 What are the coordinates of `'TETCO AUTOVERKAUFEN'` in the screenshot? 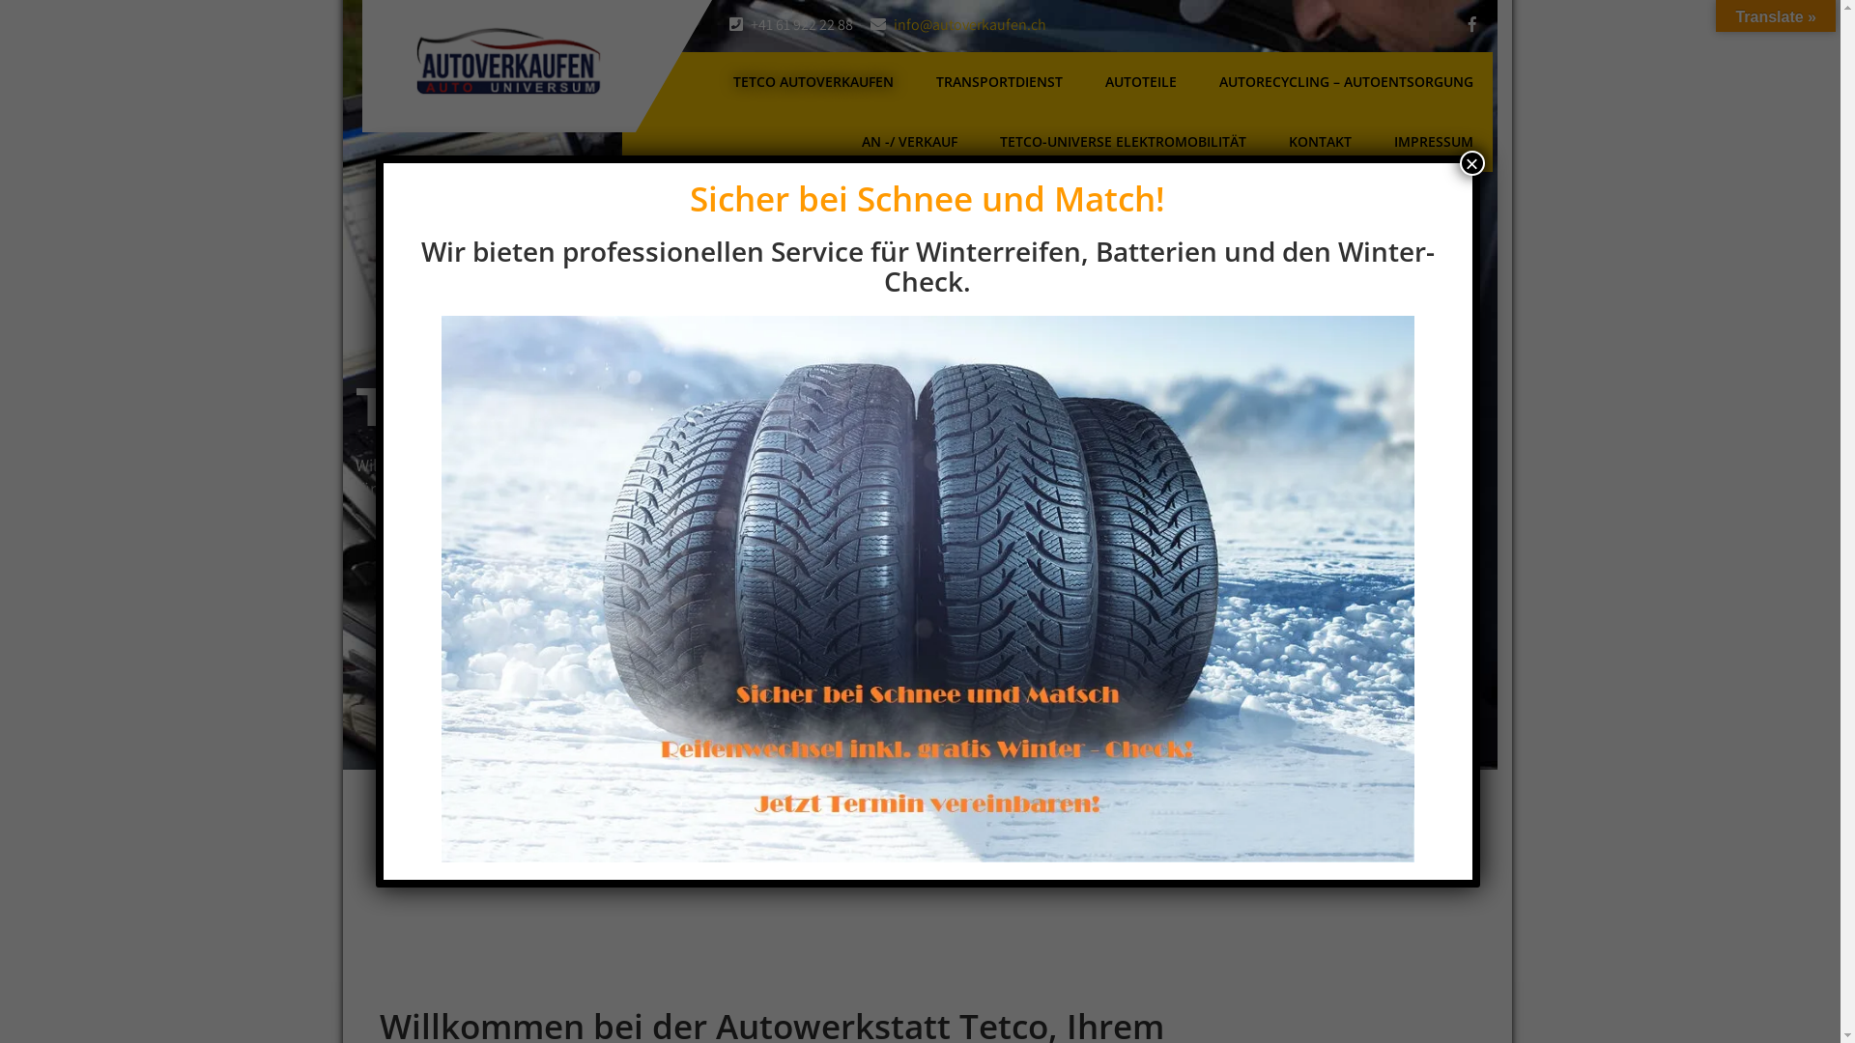 It's located at (813, 80).